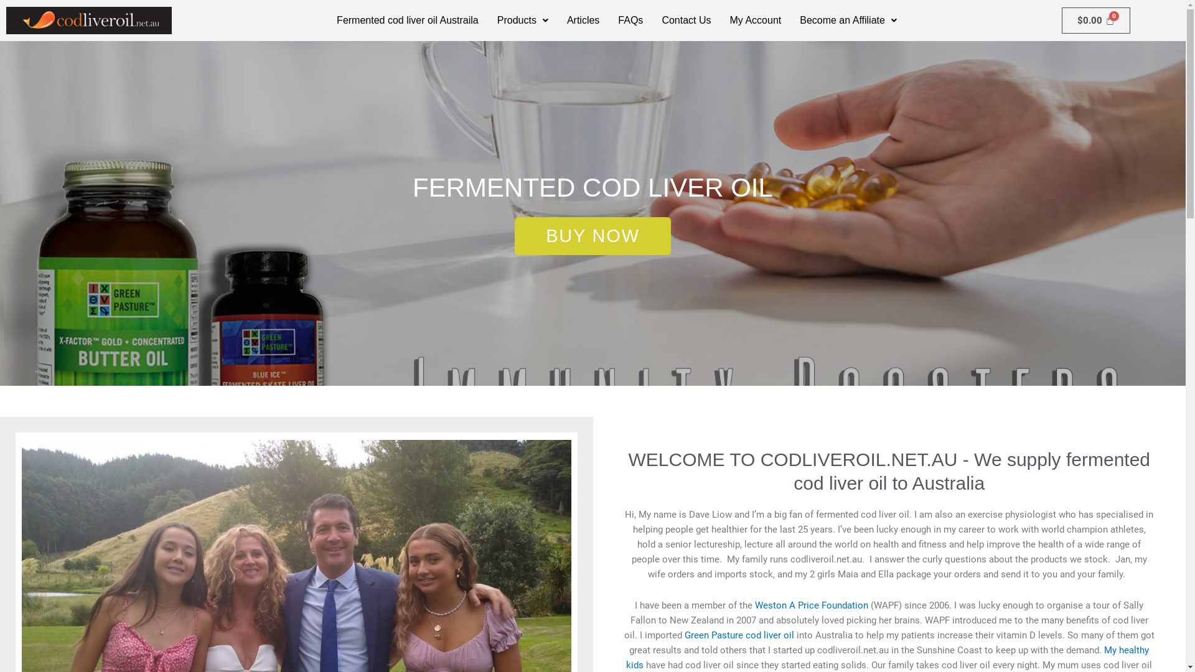 The image size is (1195, 672). What do you see at coordinates (582, 21) in the screenshot?
I see `'Articles'` at bounding box center [582, 21].